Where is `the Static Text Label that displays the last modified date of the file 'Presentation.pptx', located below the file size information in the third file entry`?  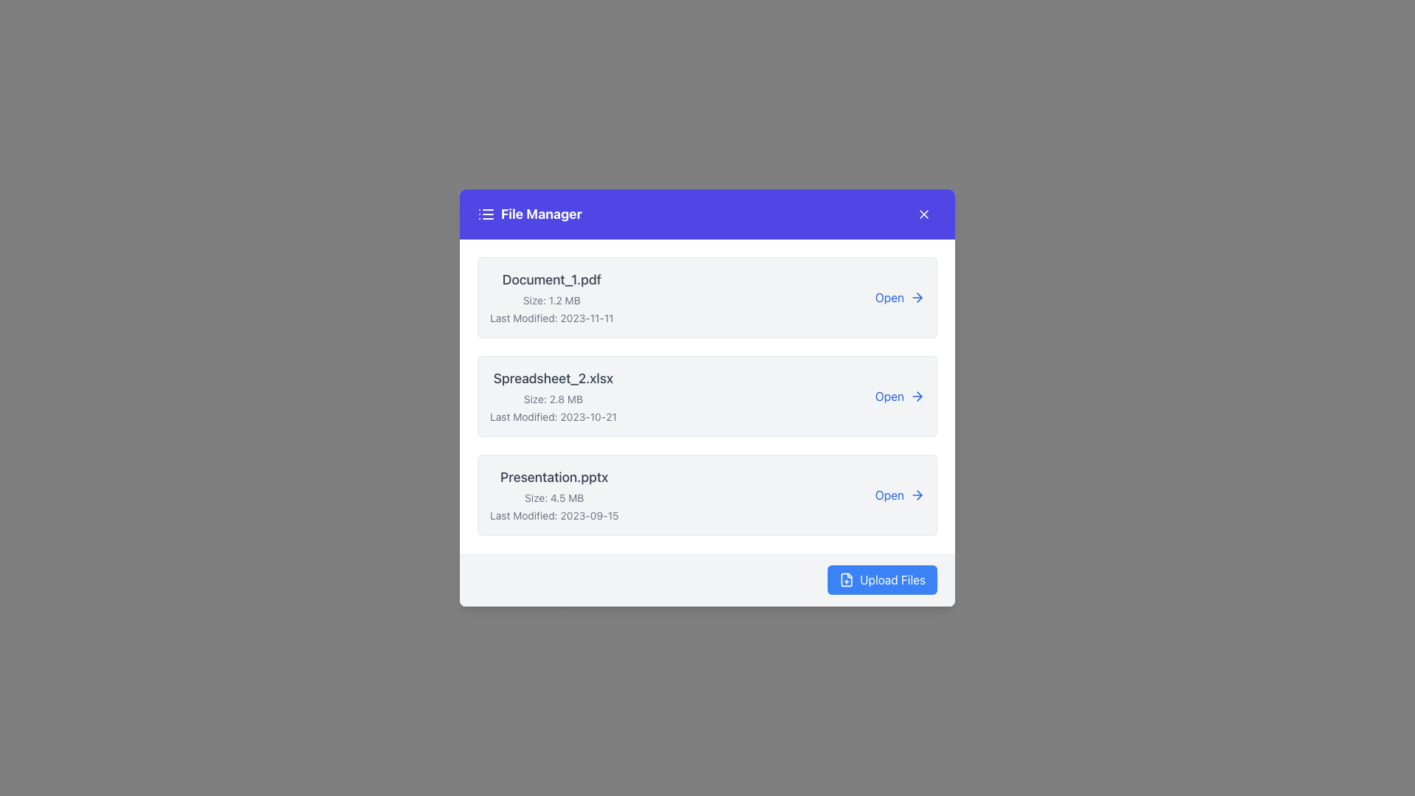
the Static Text Label that displays the last modified date of the file 'Presentation.pptx', located below the file size information in the third file entry is located at coordinates (553, 514).